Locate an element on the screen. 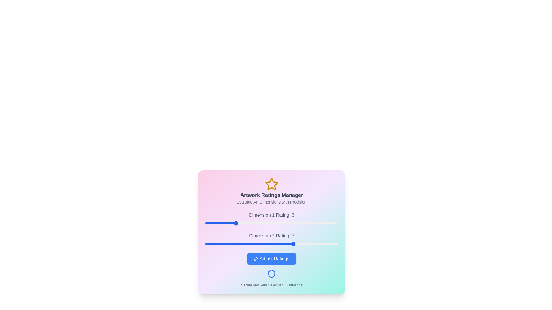 The height and width of the screenshot is (310, 552). the second dimension rating slider to 1 is located at coordinates (205, 244).